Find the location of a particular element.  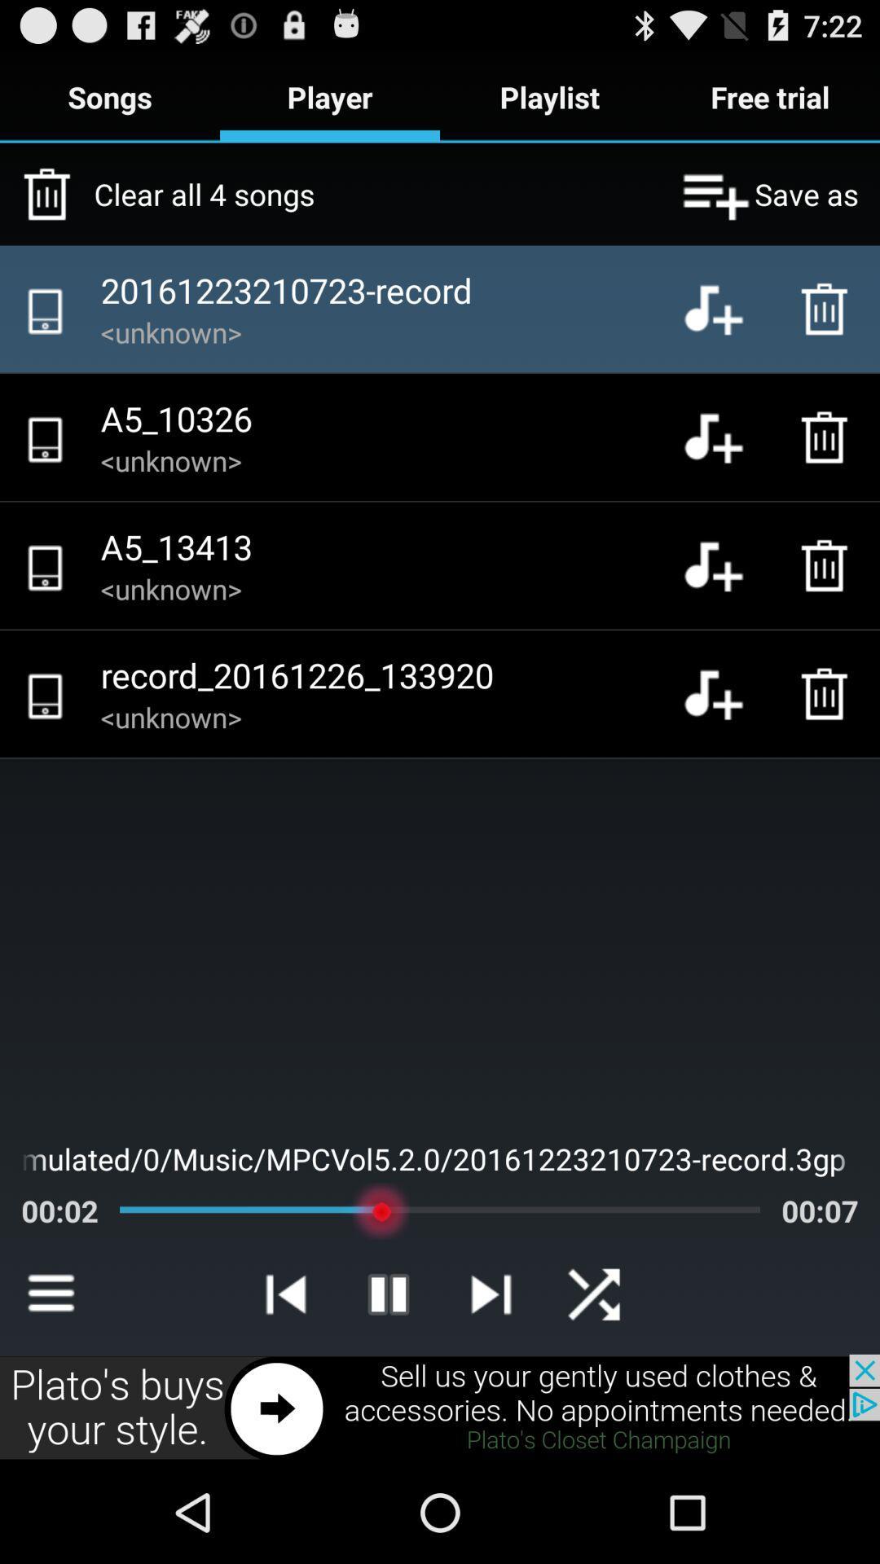

delete button is located at coordinates (829, 693).